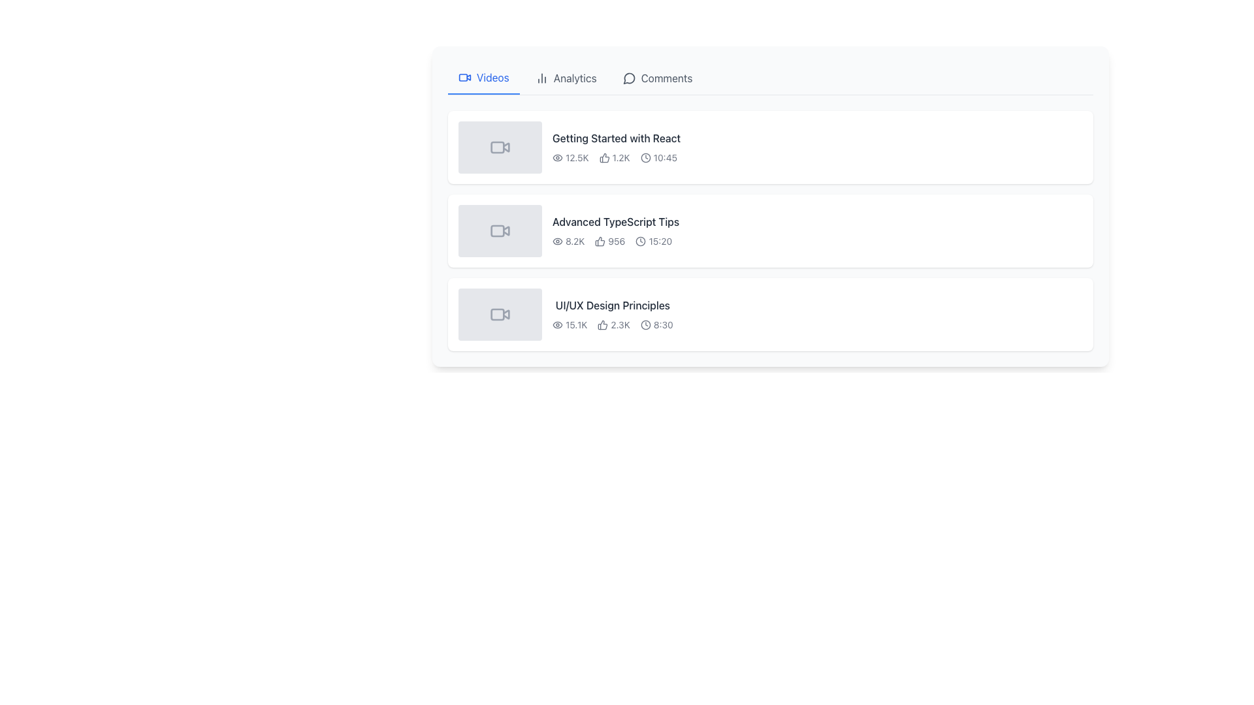 This screenshot has height=705, width=1254. I want to click on the circular SVG shape representing the clock face, which is part of the clock icon adjacent to the time label '15:20' in the list item titled 'Advanced TypeScript Tips', so click(641, 242).